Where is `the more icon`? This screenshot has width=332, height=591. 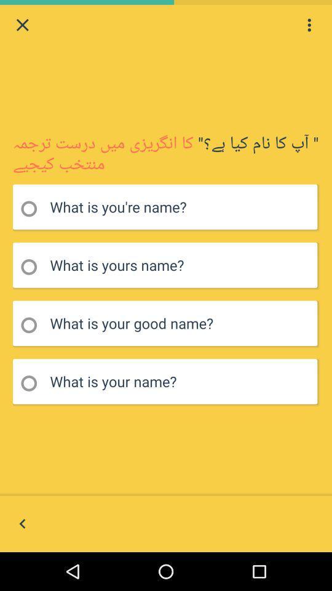 the more icon is located at coordinates (309, 26).